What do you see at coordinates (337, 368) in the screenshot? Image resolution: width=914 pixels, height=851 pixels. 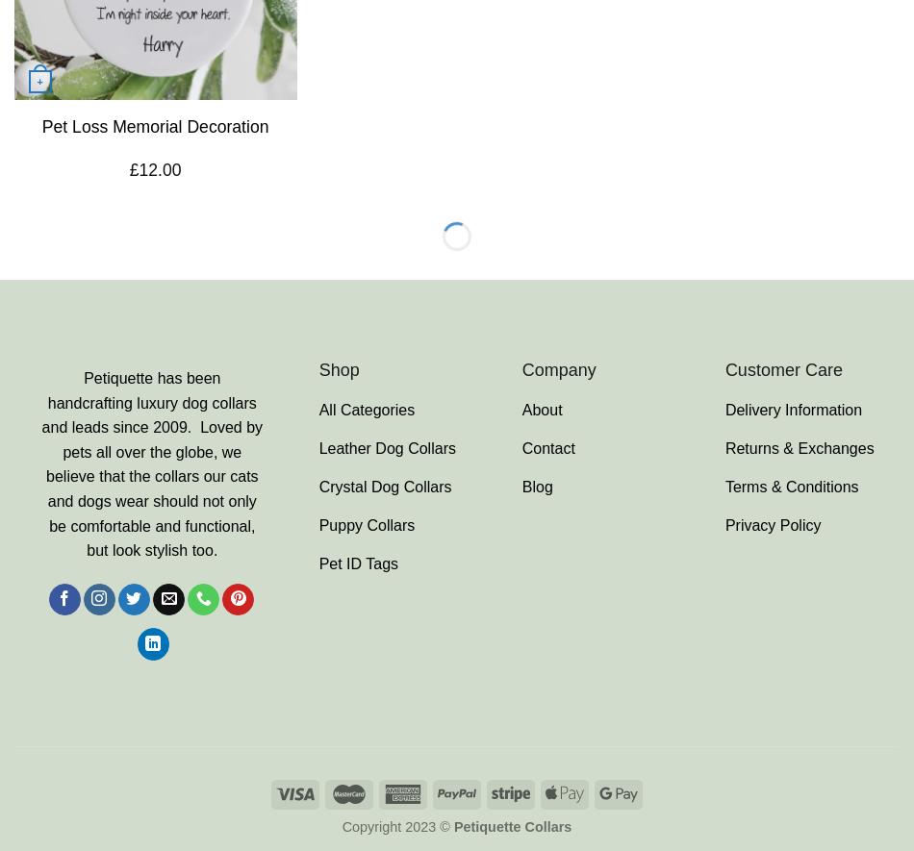 I see `'Shop'` at bounding box center [337, 368].